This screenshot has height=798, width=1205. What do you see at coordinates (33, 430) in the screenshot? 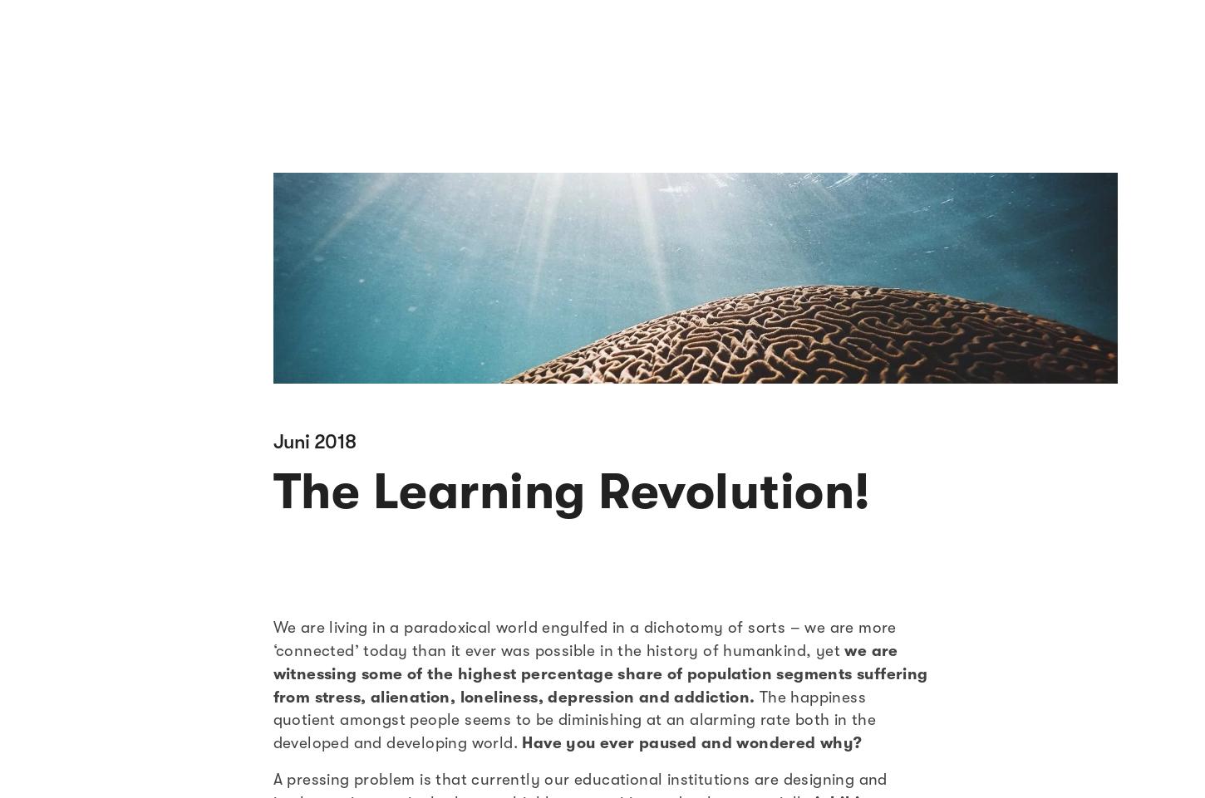
I see `'Nutze unsere Co-Working Spaces spontan mit dem Impact Hub Tagespass.'` at bounding box center [33, 430].